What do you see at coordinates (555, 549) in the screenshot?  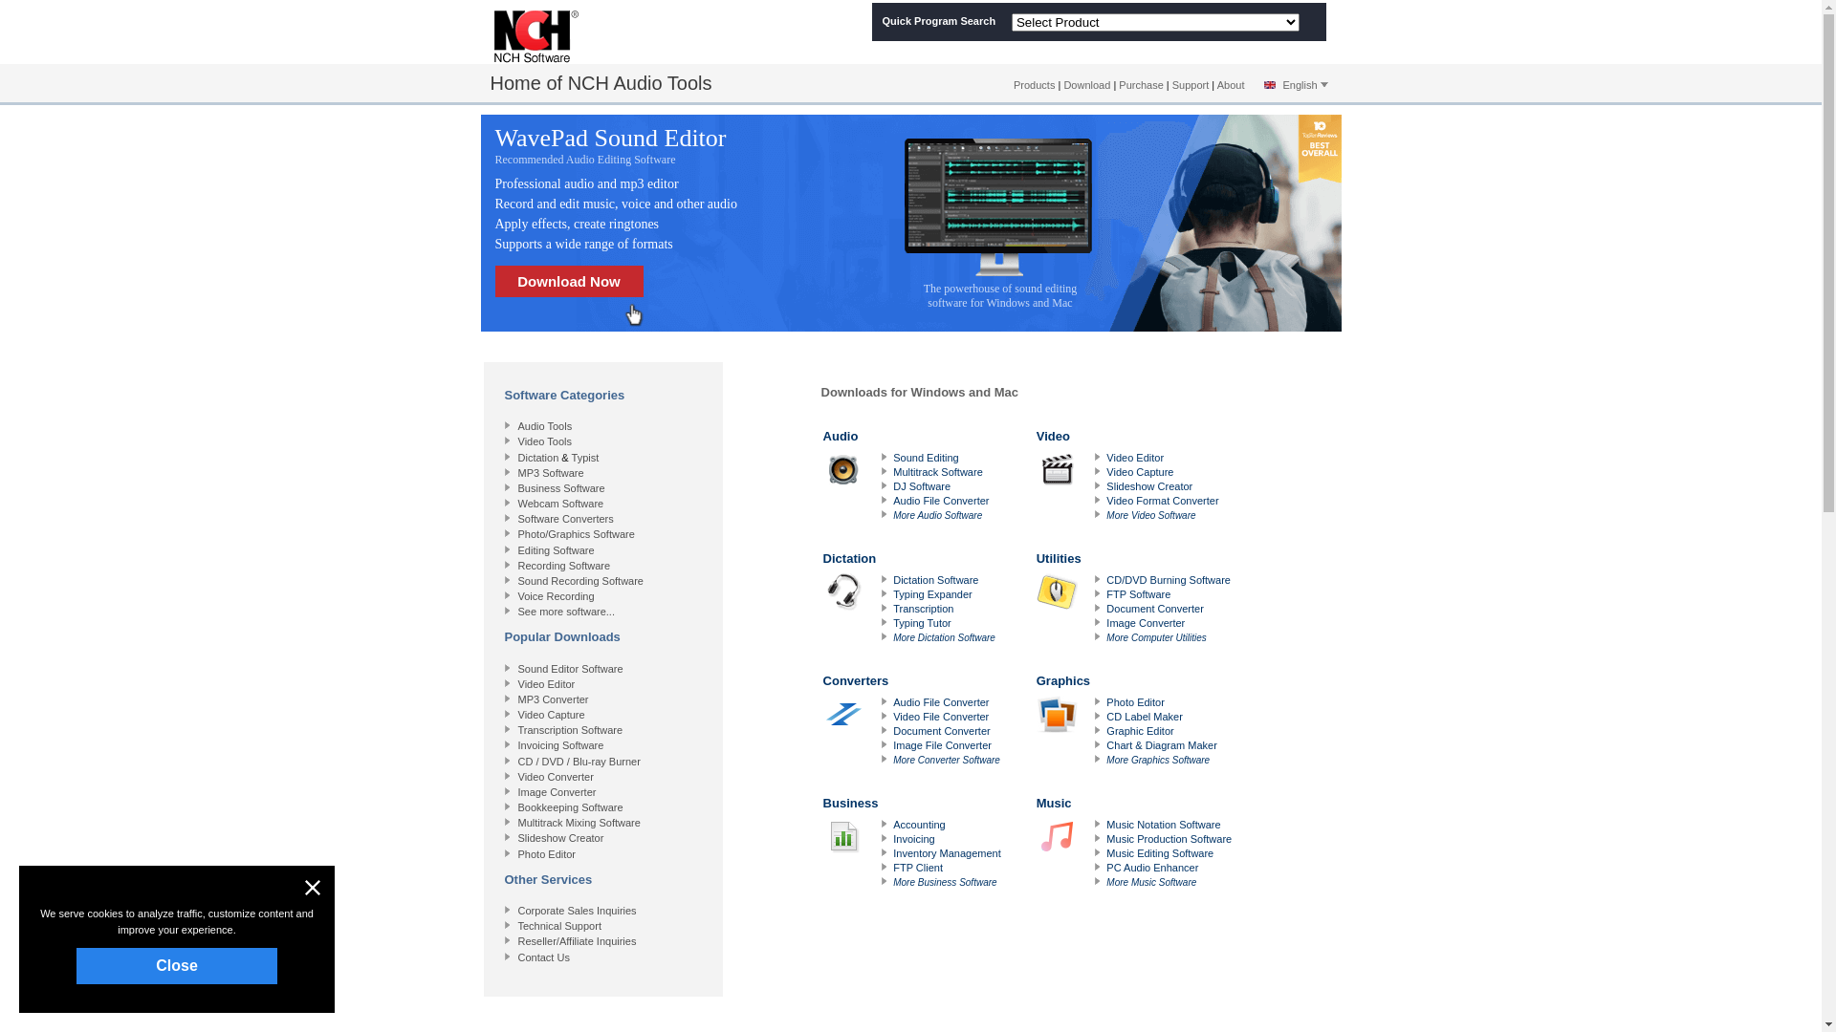 I see `'Editing Software'` at bounding box center [555, 549].